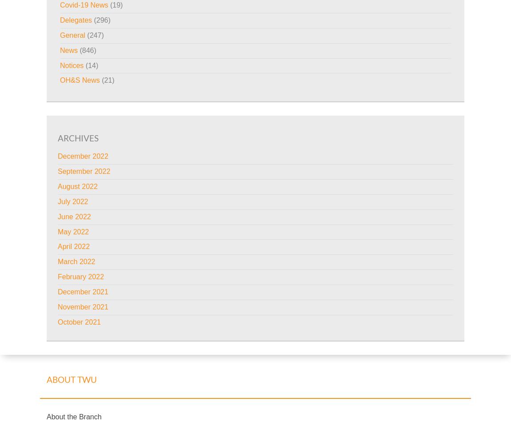  I want to click on 'April 2022', so click(57, 246).